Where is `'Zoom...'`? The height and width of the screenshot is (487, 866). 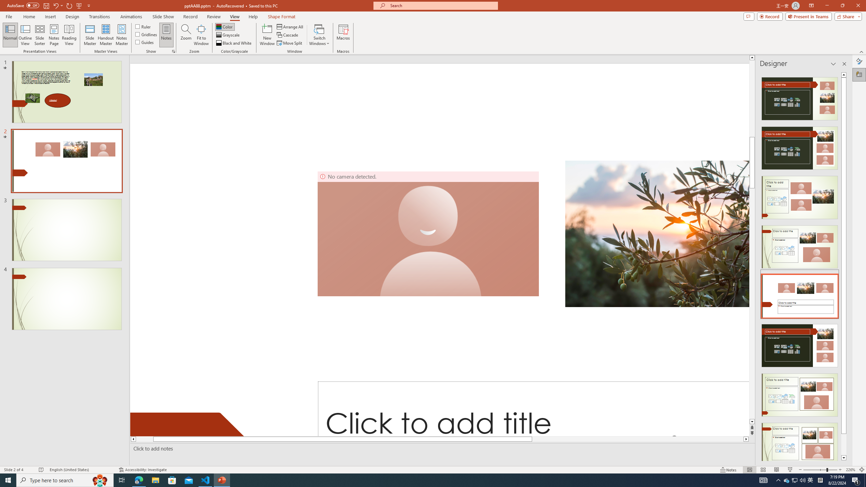 'Zoom...' is located at coordinates (186, 35).